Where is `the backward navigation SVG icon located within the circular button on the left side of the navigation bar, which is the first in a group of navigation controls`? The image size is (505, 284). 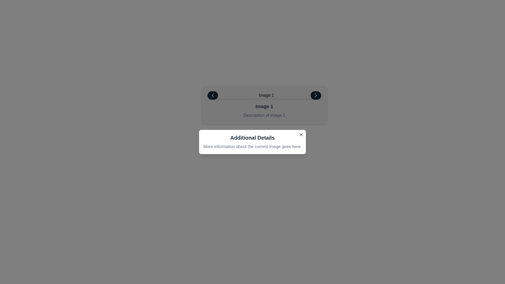
the backward navigation SVG icon located within the circular button on the left side of the navigation bar, which is the first in a group of navigation controls is located at coordinates (213, 95).